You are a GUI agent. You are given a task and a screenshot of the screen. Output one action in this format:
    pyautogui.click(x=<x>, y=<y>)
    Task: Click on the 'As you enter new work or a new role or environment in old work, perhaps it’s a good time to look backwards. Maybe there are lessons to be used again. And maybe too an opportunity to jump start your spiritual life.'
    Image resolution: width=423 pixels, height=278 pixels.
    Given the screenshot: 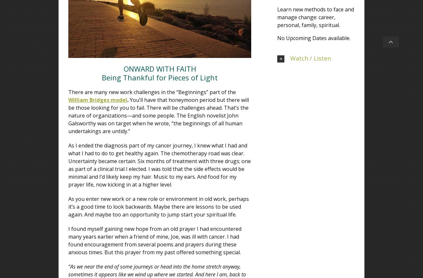 What is the action you would take?
    pyautogui.click(x=68, y=206)
    